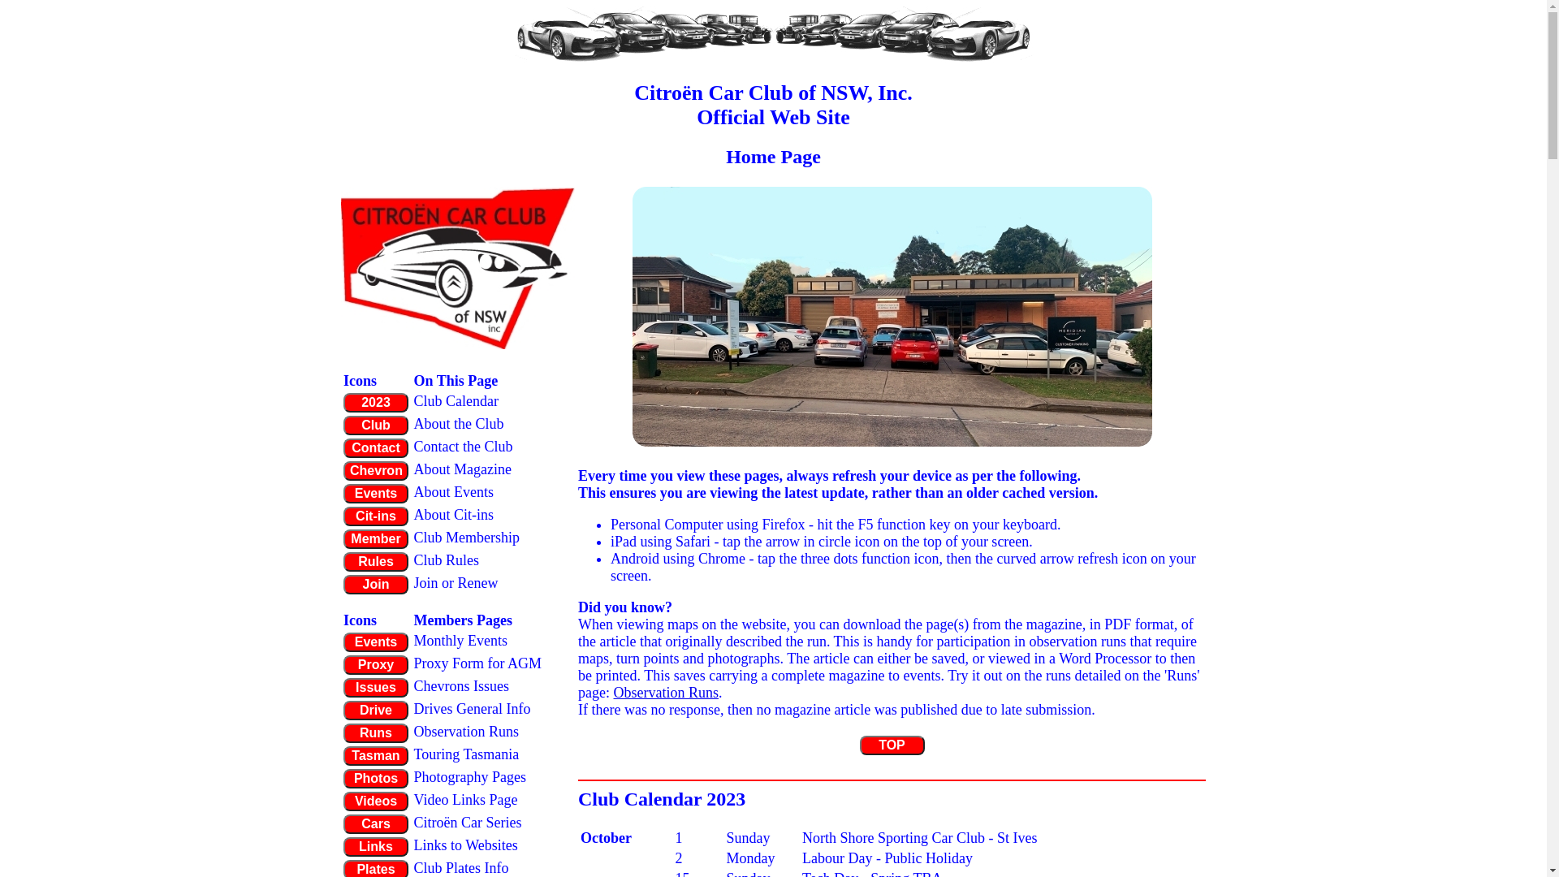 Image resolution: width=1559 pixels, height=877 pixels. I want to click on 'Join', so click(374, 585).